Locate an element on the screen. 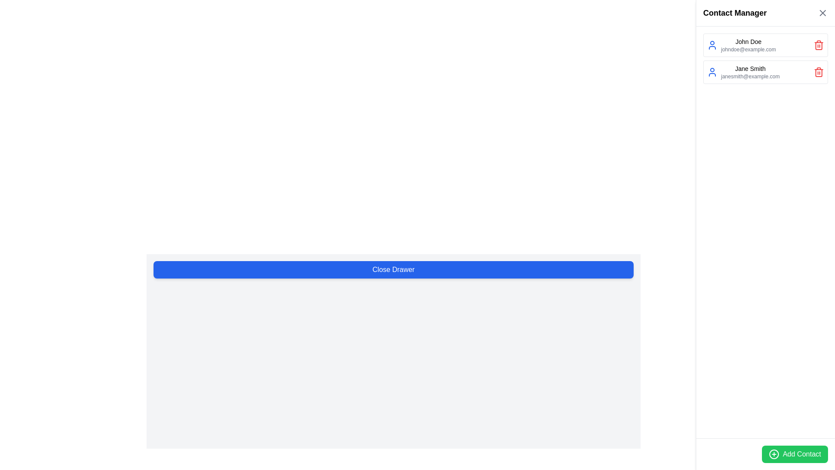 The width and height of the screenshot is (835, 470). the small gray cross icon at the top-right corner of the 'Contact Manager' section, which highlights red on hover is located at coordinates (822, 13).